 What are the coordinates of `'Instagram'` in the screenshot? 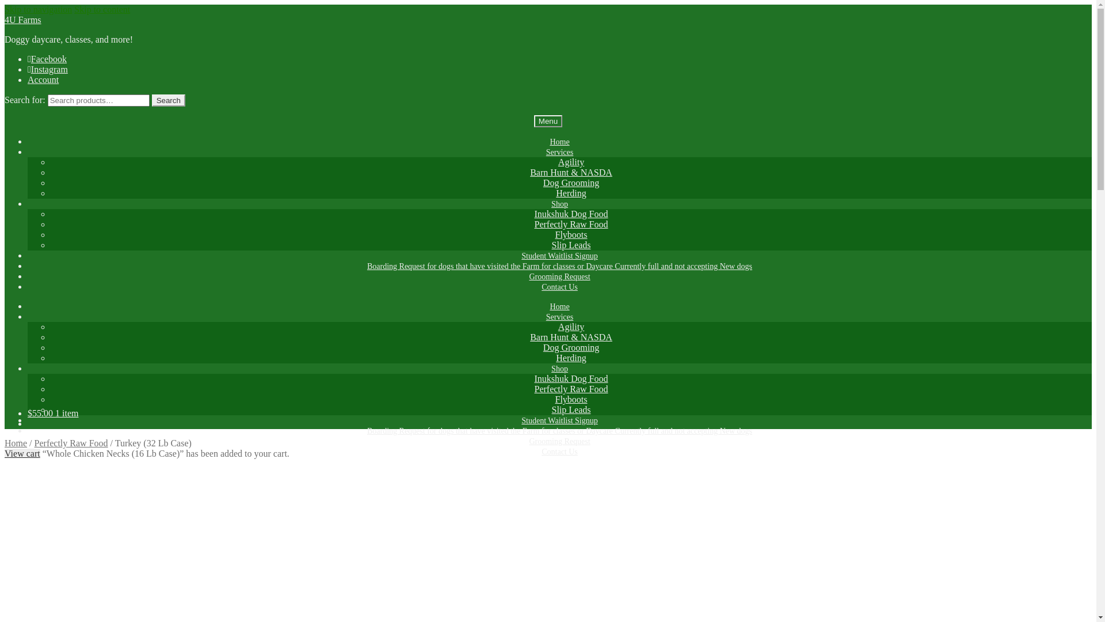 It's located at (49, 69).